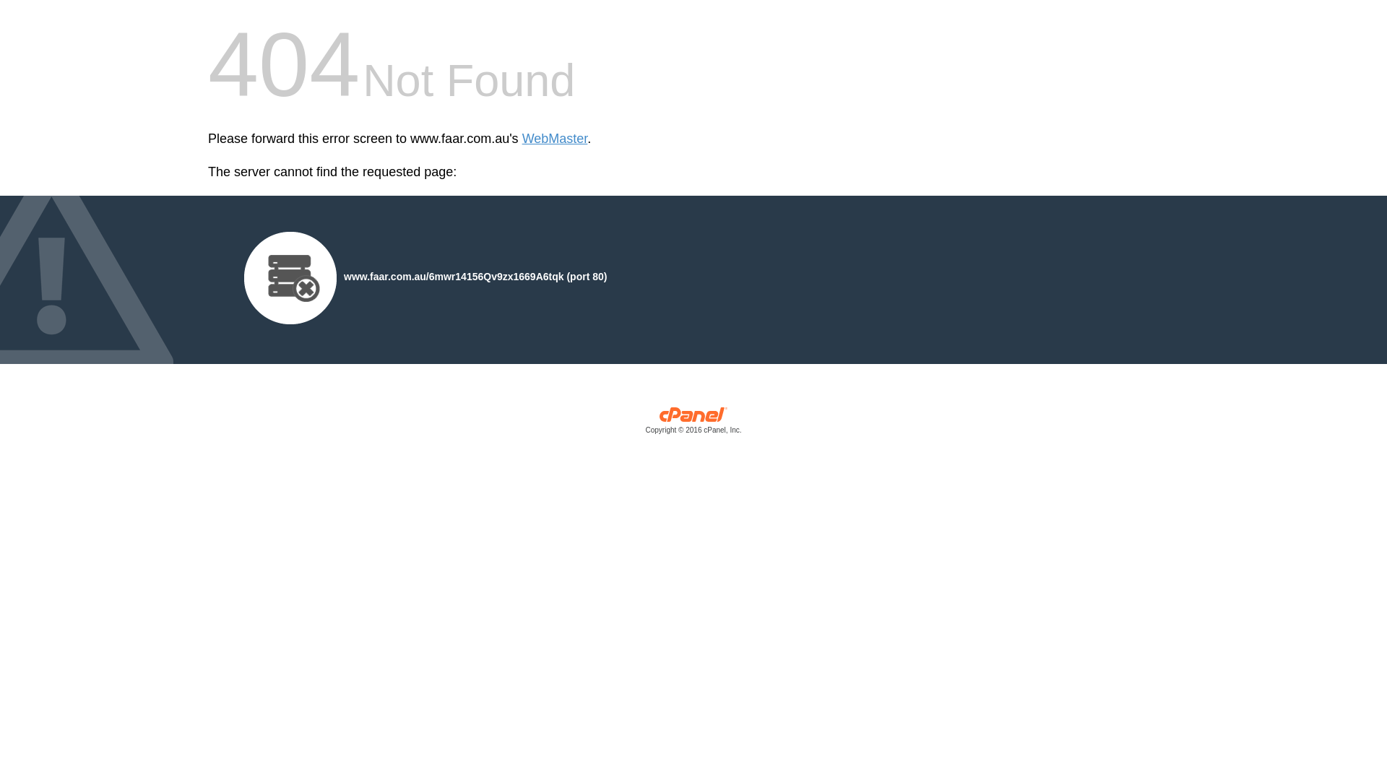  Describe the element at coordinates (554, 139) in the screenshot. I see `'WebMaster'` at that location.